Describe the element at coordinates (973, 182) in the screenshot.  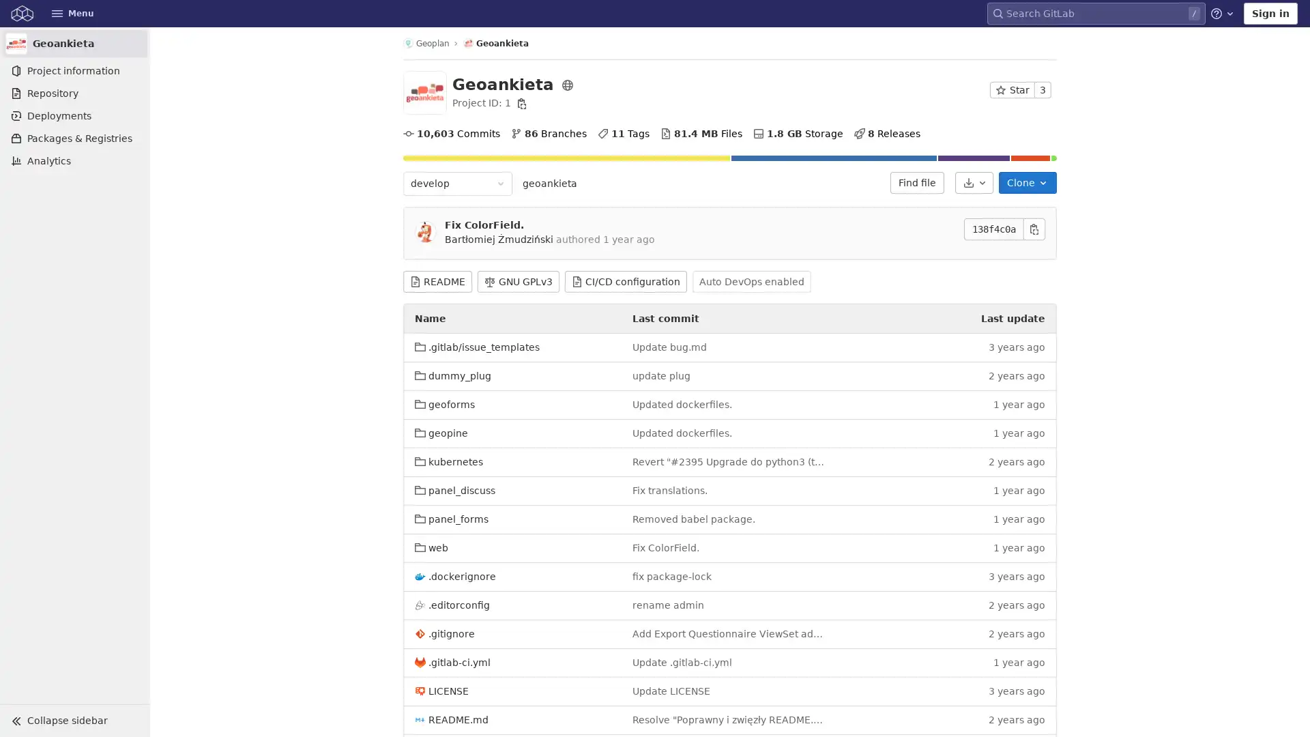
I see `Download` at that location.